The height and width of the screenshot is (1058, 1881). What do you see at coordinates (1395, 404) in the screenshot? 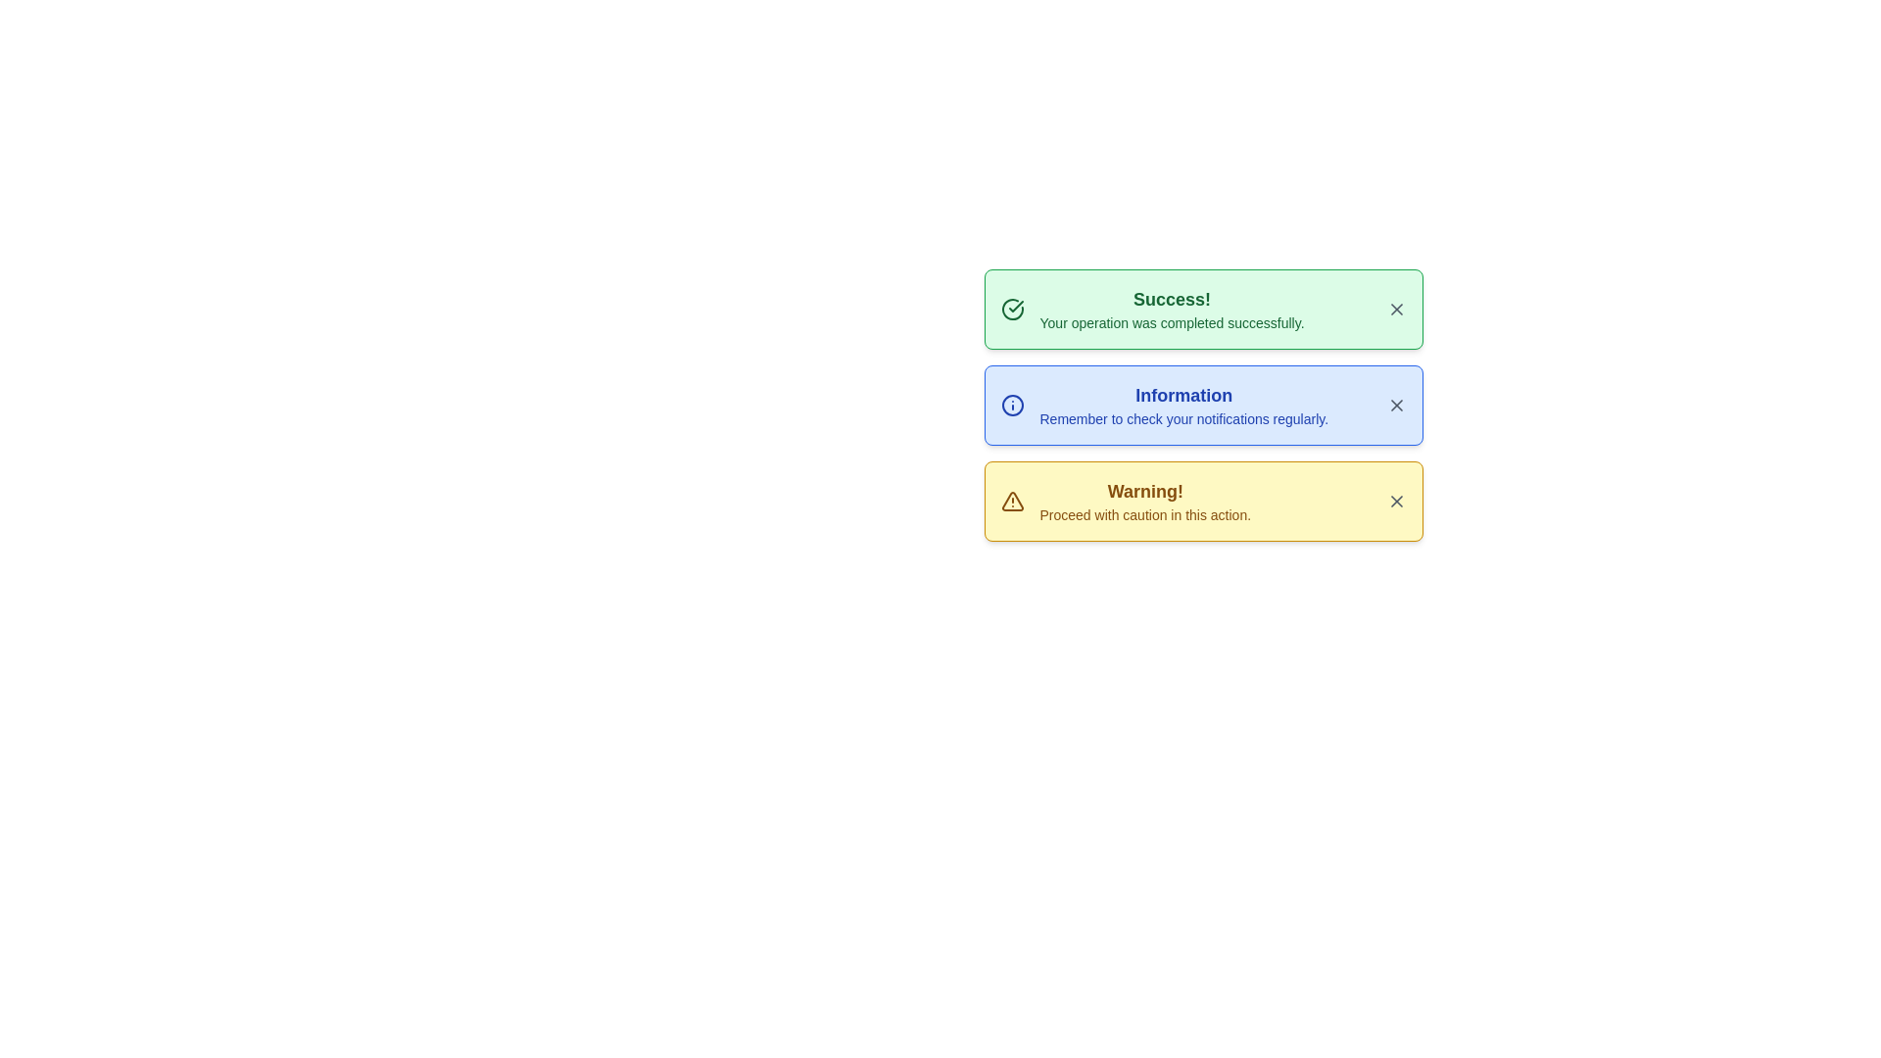
I see `the close button in the blue notification bar labeled 'Information Remember to check your notifications regularly' to change its color` at bounding box center [1395, 404].